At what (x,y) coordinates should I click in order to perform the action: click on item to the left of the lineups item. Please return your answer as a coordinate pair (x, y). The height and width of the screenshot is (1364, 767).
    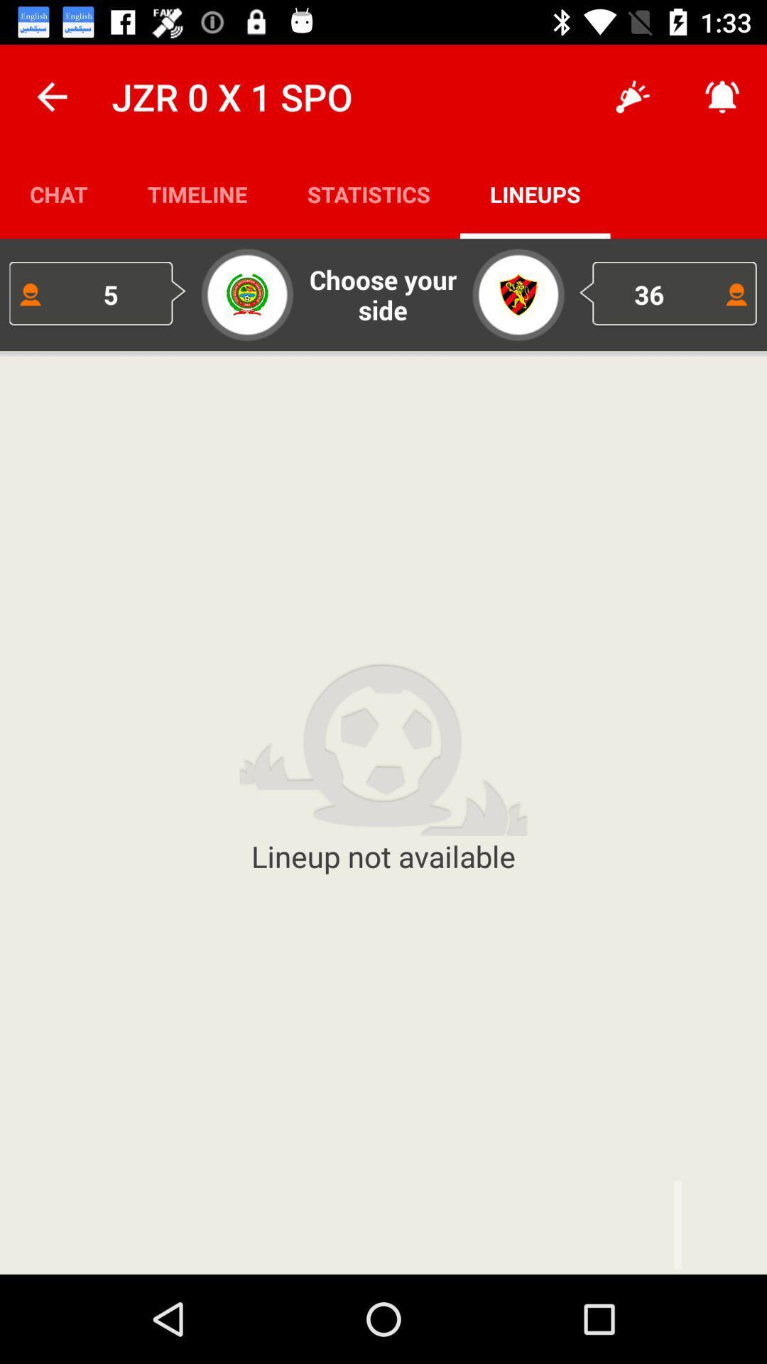
    Looking at the image, I should click on (368, 193).